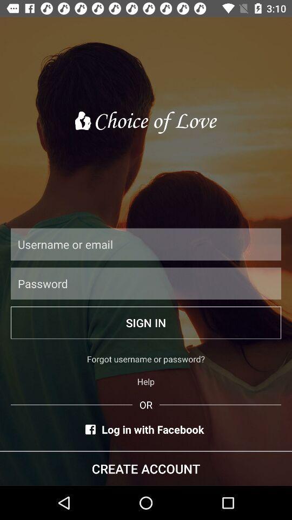 This screenshot has width=292, height=520. What do you see at coordinates (145, 429) in the screenshot?
I see `icon below or` at bounding box center [145, 429].